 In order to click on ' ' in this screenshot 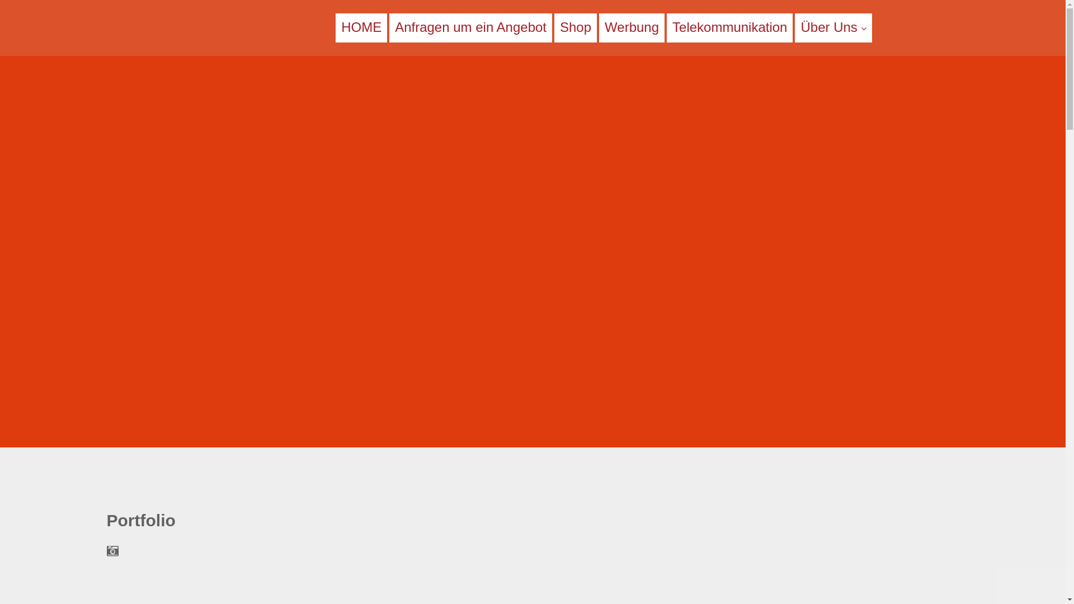, I will do `click(172, 26)`.